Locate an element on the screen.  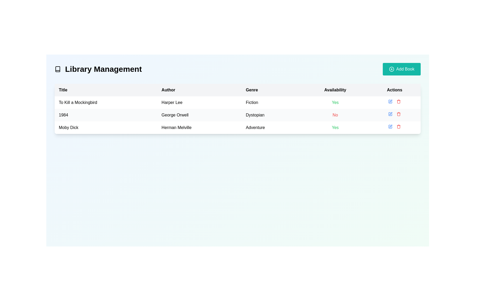
the availability status text label for the book 'Moby Dick', which indicates its availability is located at coordinates (335, 128).